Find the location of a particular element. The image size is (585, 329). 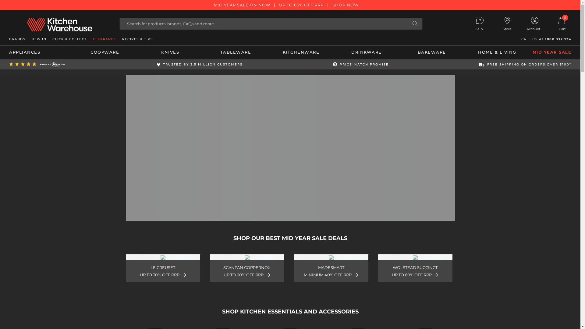

'MADESMART is located at coordinates (330, 268).